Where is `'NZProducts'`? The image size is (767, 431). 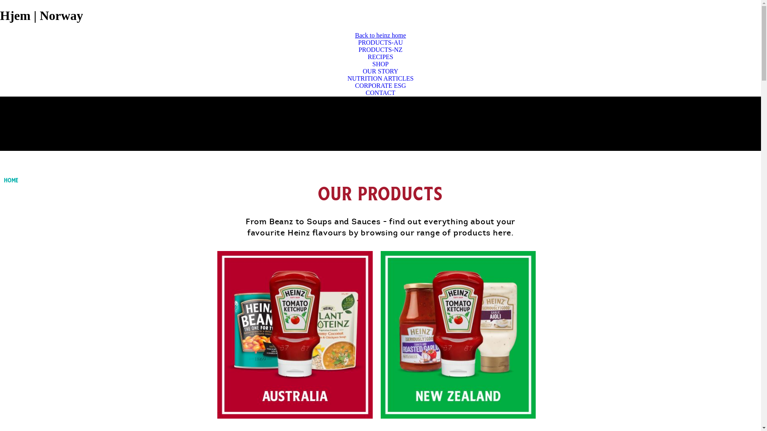 'NZProducts' is located at coordinates (458, 335).